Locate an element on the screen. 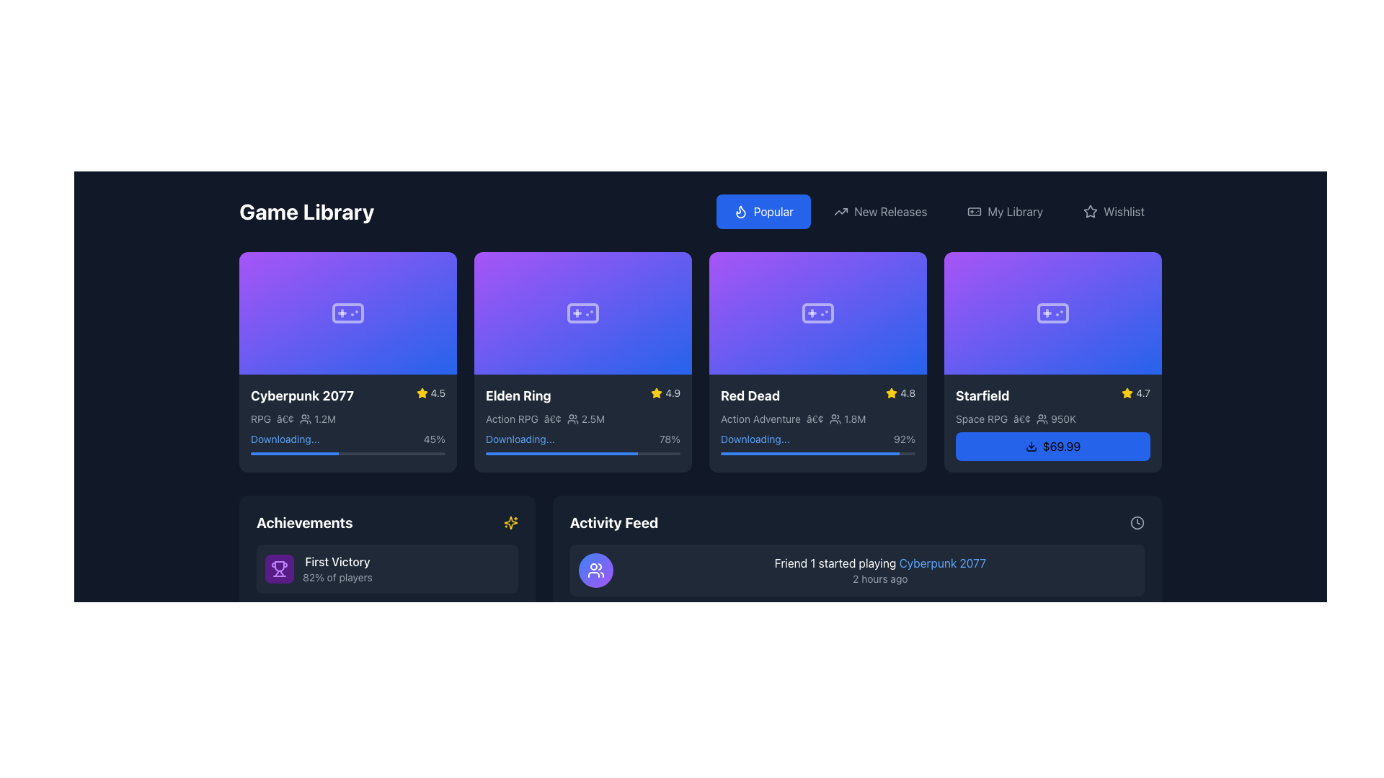 This screenshot has height=778, width=1384. the heading text element that reads 'Activity Feed', which is styled in bold, white text against a dark background, located near the bottom-right of the main layout is located at coordinates (613, 522).